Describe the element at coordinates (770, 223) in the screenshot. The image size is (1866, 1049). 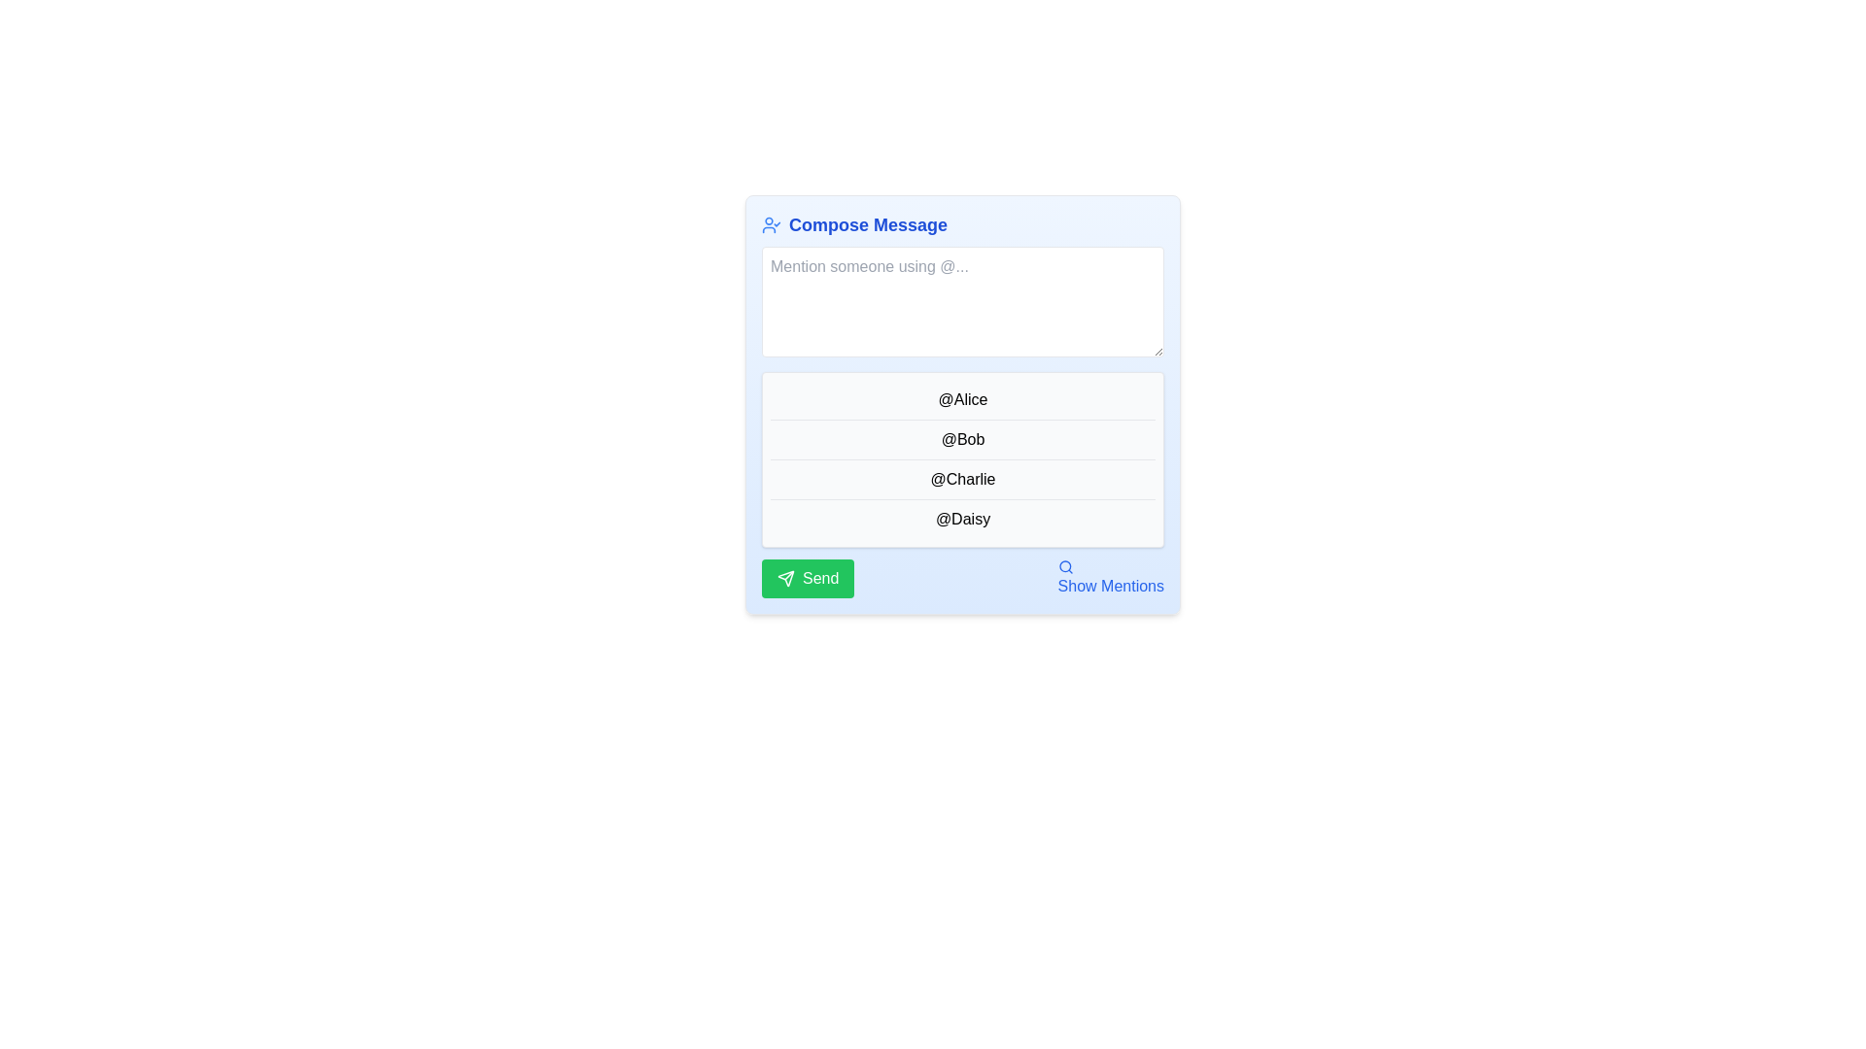
I see `the decorative icon representing a user with a check mark, styled with blue strokes, located` at that location.